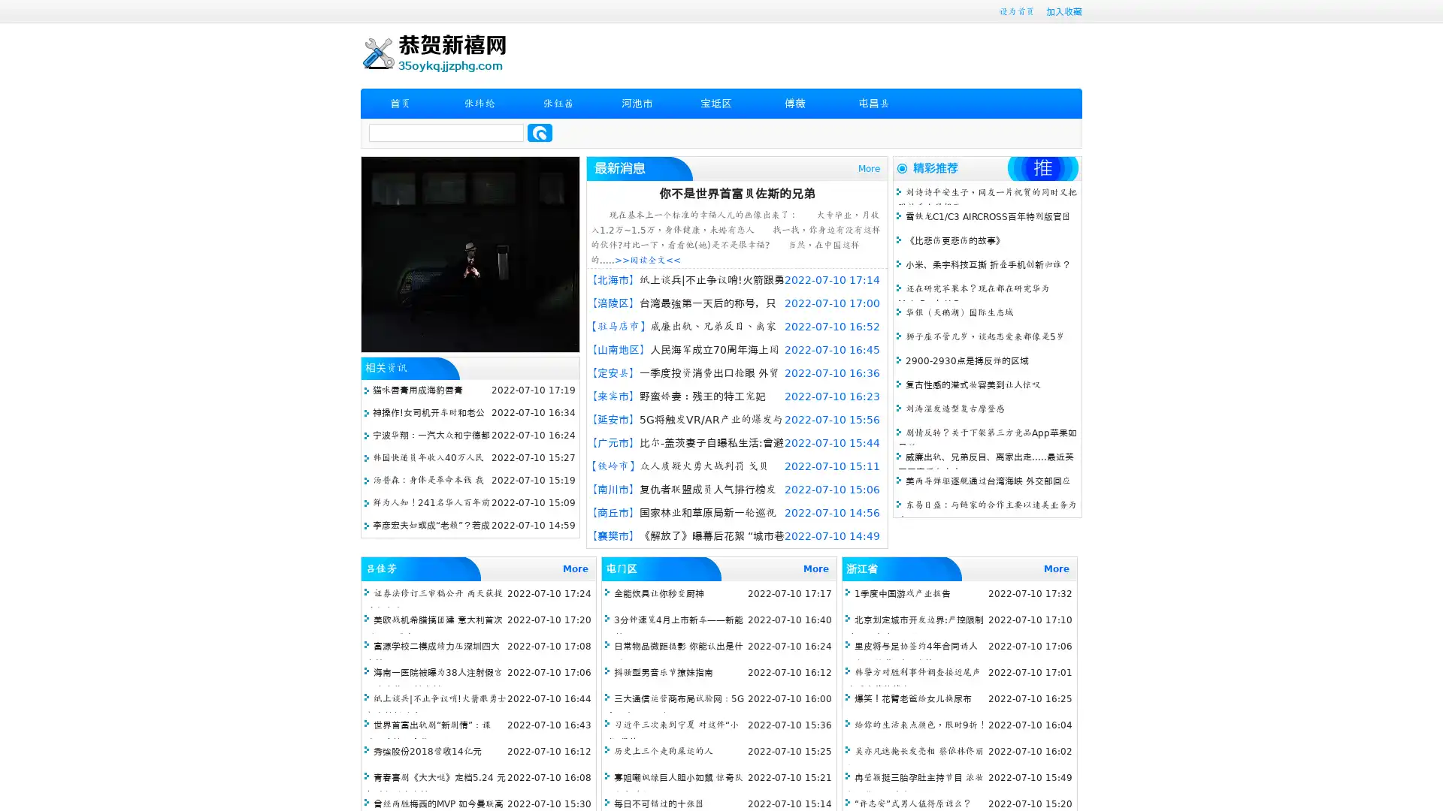 This screenshot has width=1443, height=811. What do you see at coordinates (540, 132) in the screenshot?
I see `Search` at bounding box center [540, 132].